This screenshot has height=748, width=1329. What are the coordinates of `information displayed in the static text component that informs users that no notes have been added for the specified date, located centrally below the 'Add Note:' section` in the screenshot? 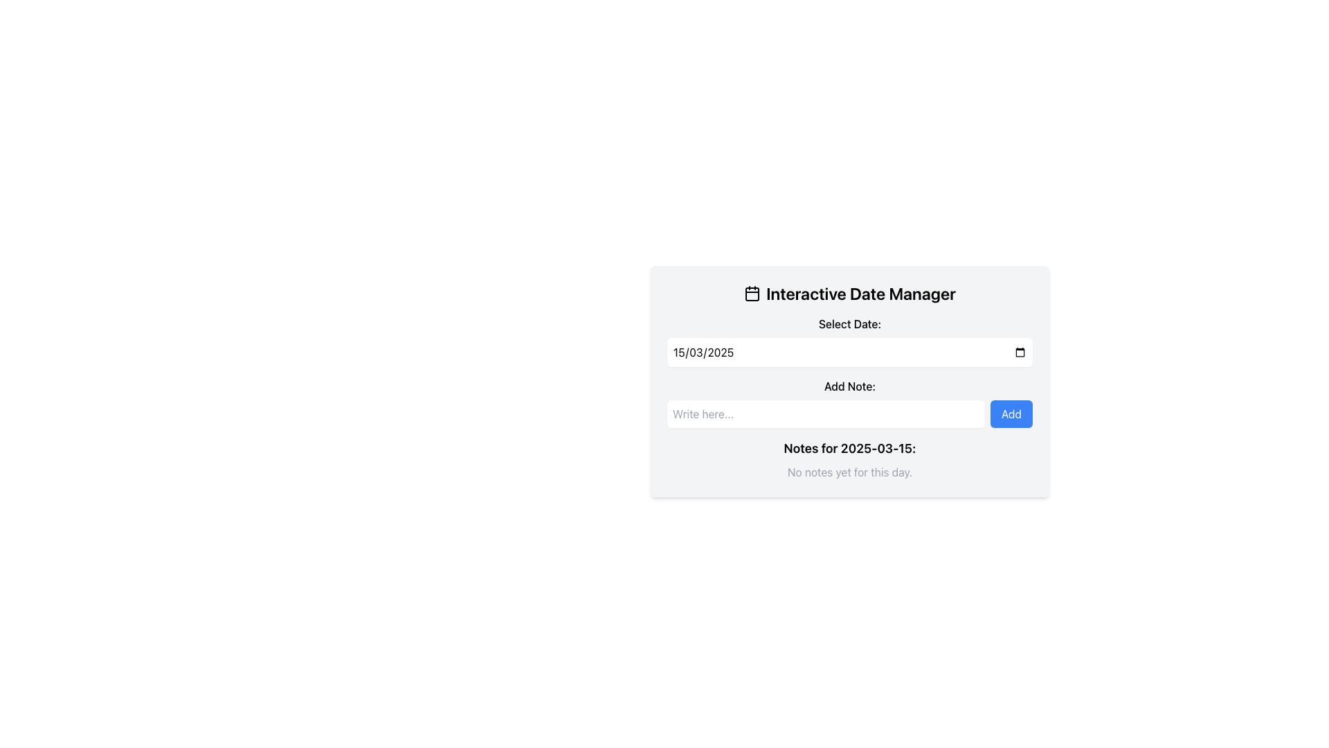 It's located at (849, 459).